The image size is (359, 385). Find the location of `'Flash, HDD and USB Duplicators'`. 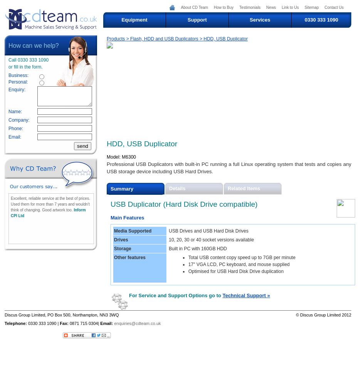

'Flash, HDD and USB Duplicators' is located at coordinates (164, 38).